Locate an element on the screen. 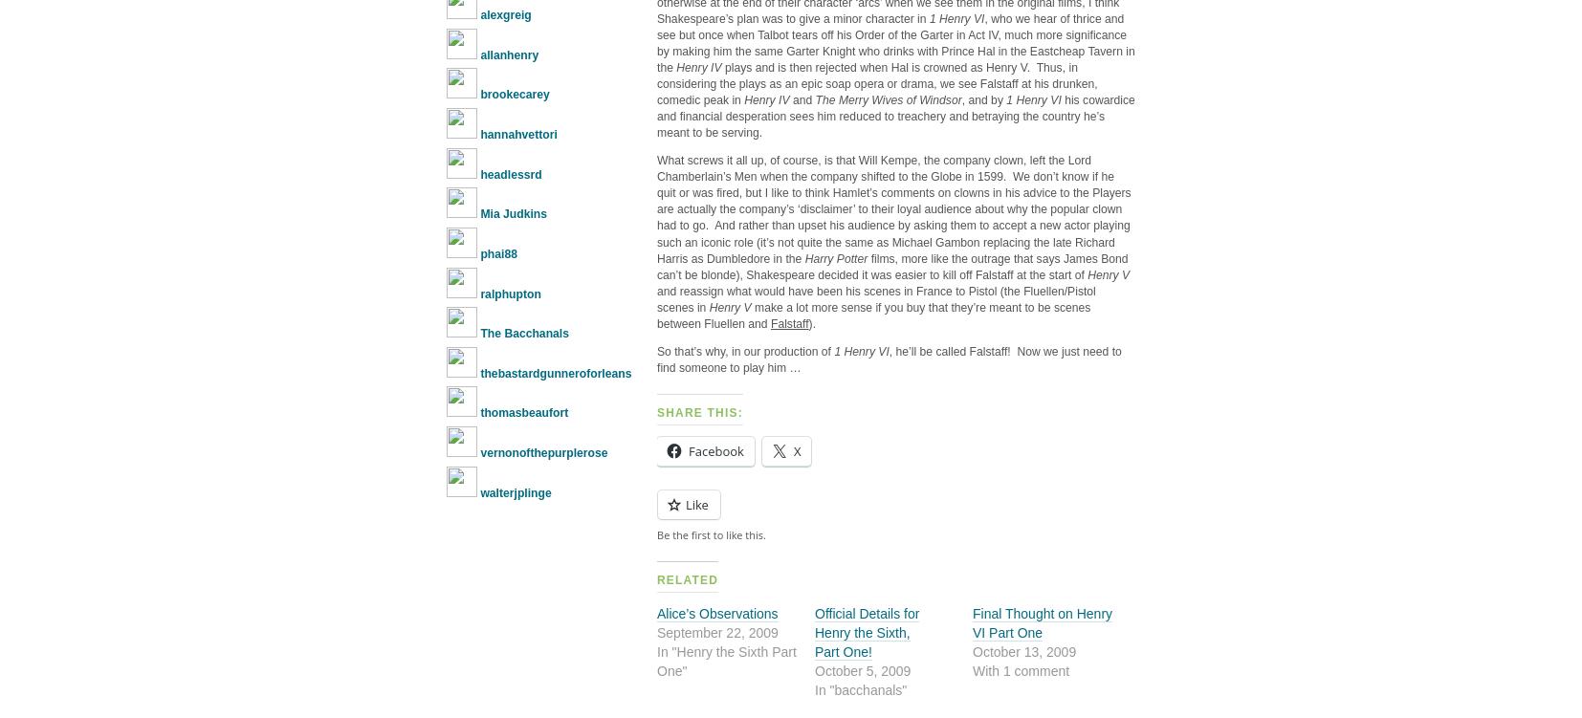  'The Merry Wives of Windsor' is located at coordinates (887, 98).